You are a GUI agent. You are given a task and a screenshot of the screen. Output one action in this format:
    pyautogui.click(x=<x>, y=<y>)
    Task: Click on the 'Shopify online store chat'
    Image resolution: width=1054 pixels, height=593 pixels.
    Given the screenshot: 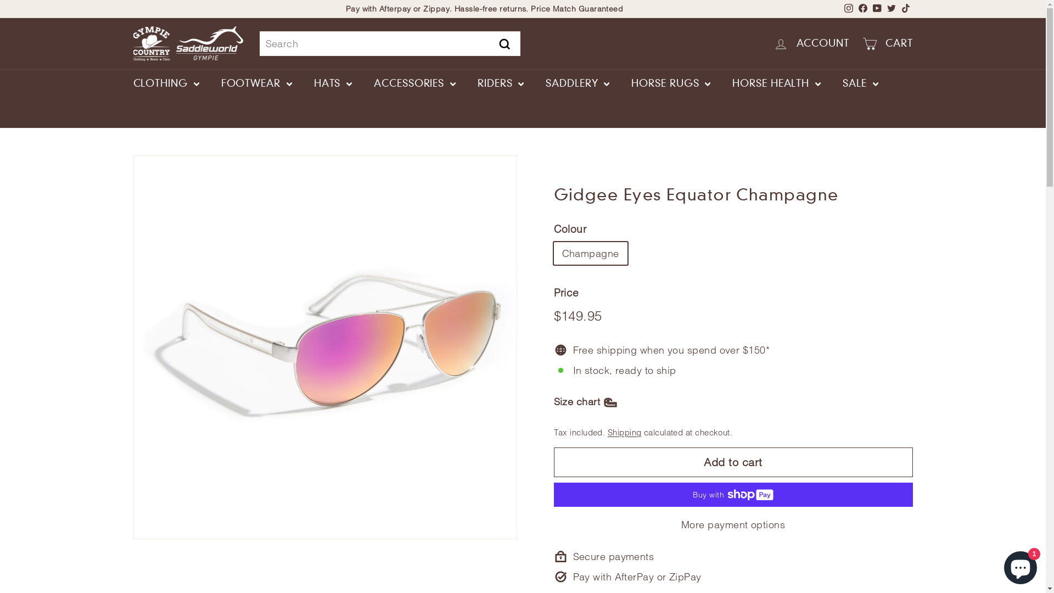 What is the action you would take?
    pyautogui.click(x=1019, y=565)
    